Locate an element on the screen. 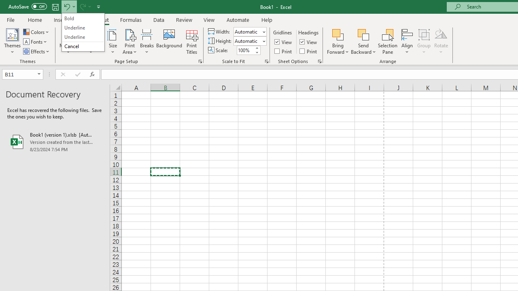  'Sheet Options' is located at coordinates (319, 61).